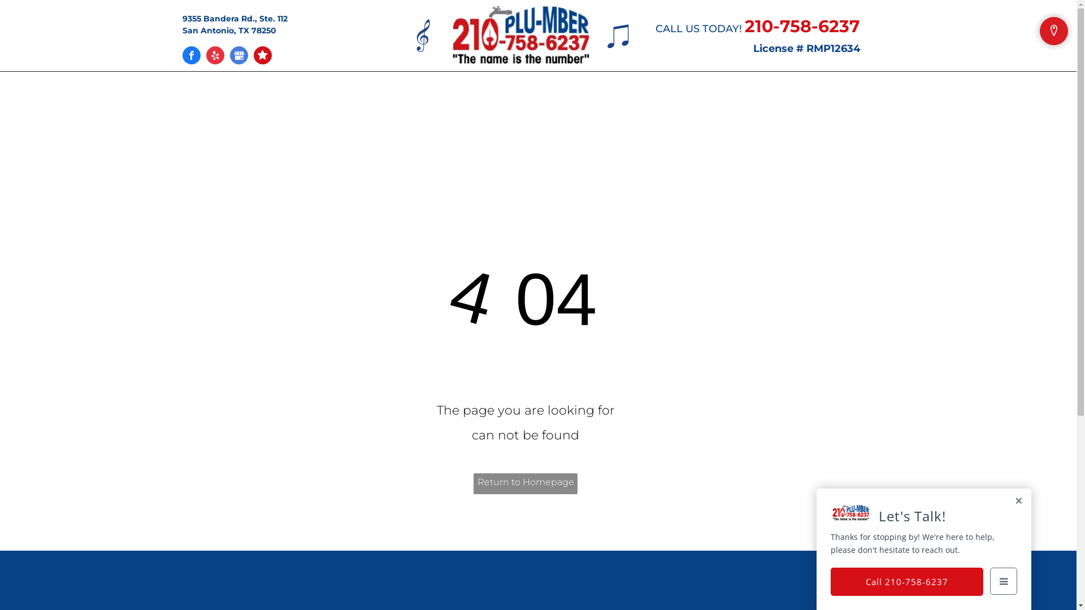 The image size is (1085, 610). Describe the element at coordinates (724, 94) in the screenshot. I see `'Contact Us'` at that location.